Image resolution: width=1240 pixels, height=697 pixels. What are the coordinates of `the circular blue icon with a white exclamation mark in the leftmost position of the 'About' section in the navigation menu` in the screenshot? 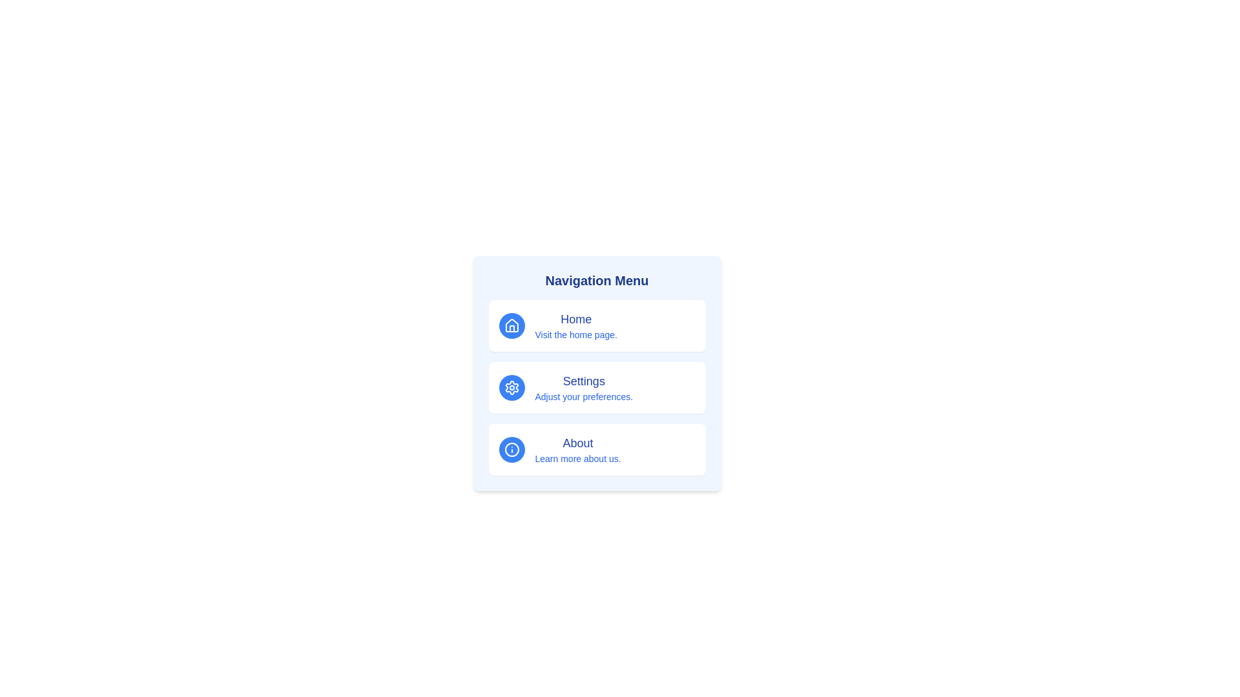 It's located at (511, 449).